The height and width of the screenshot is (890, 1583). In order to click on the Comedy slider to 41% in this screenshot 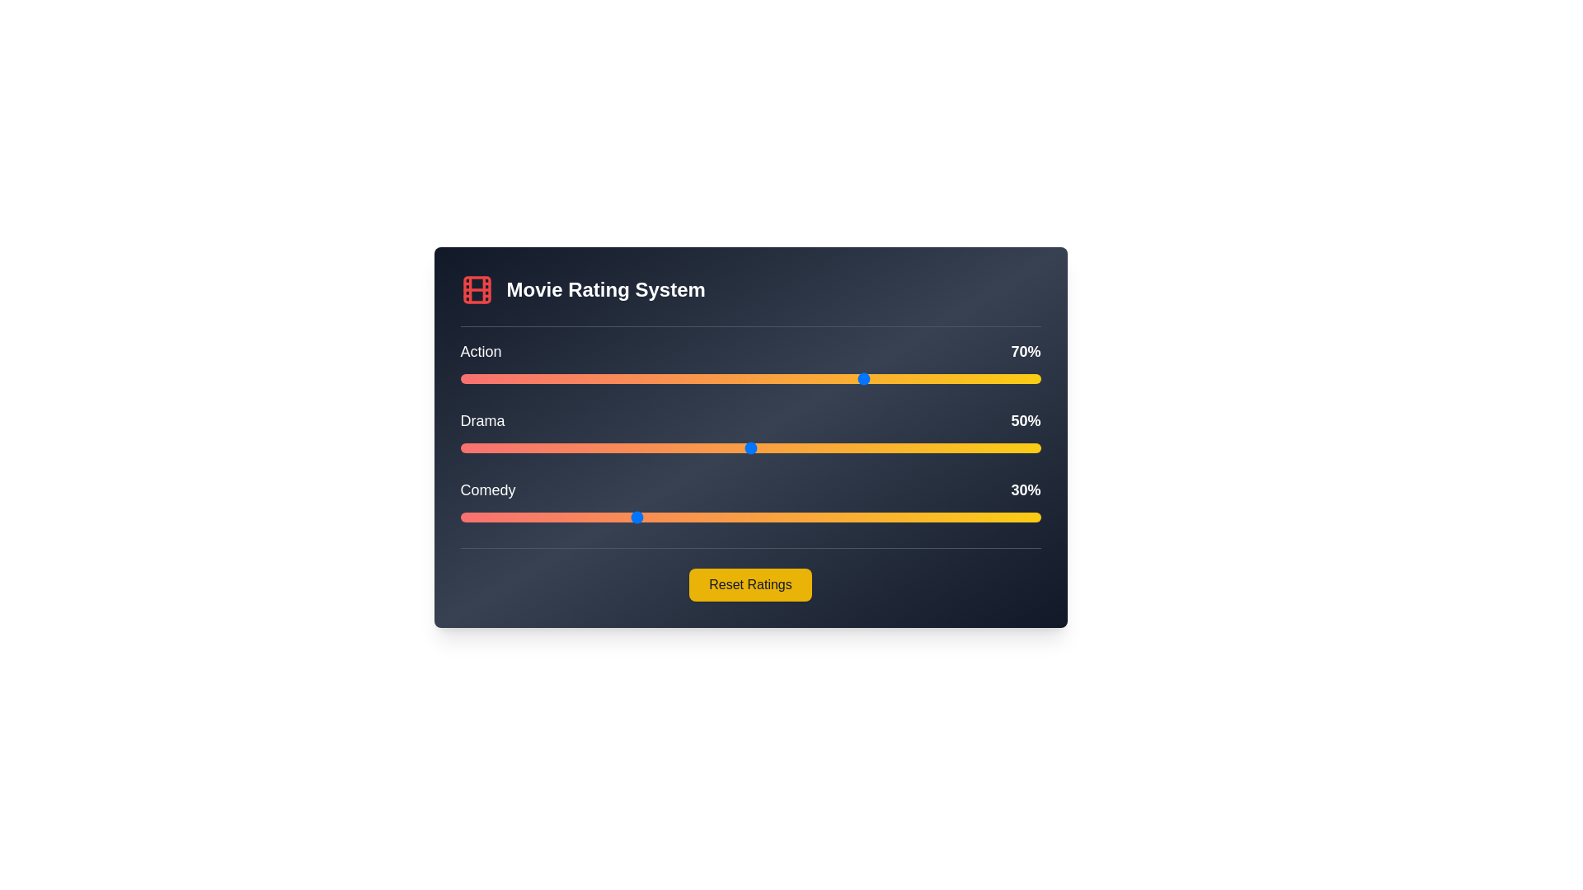, I will do `click(698, 517)`.